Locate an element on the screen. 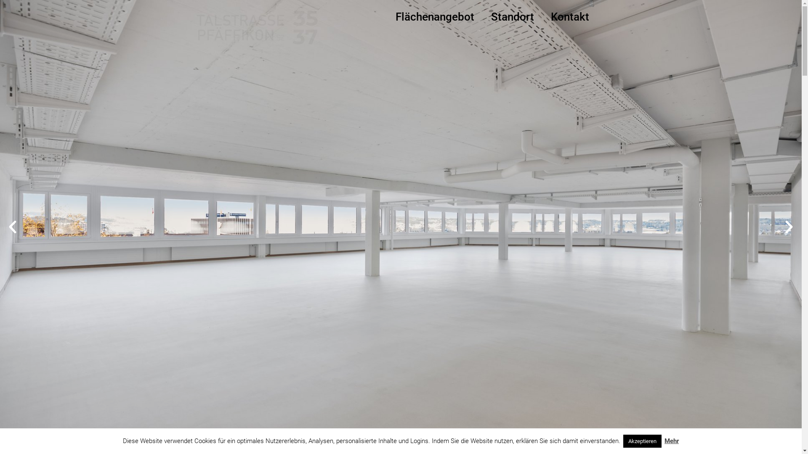 The height and width of the screenshot is (454, 808). 'Akzeptieren' is located at coordinates (642, 441).